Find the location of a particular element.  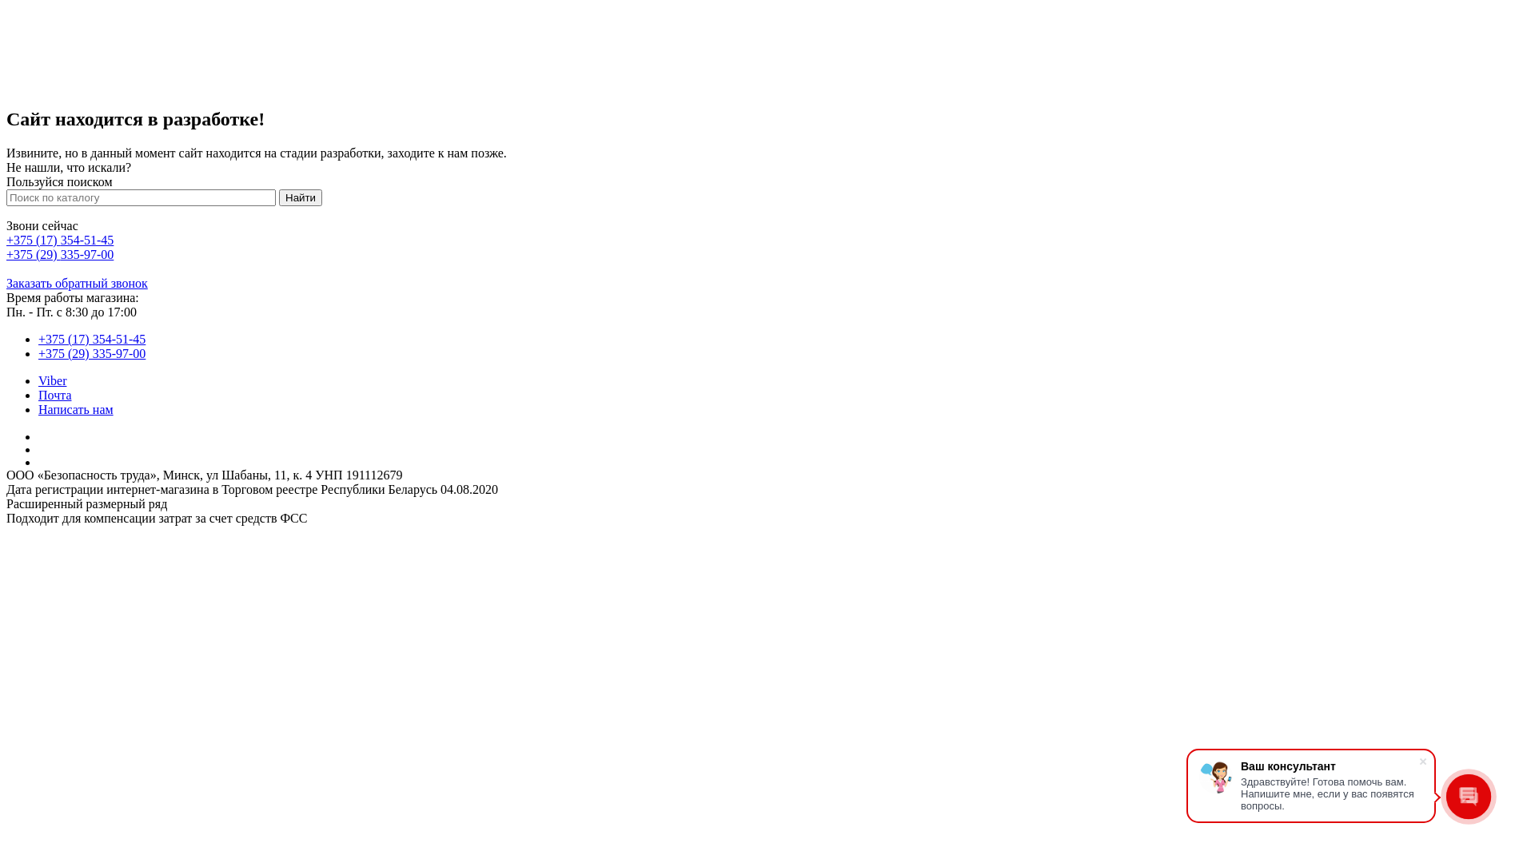

'Viber' is located at coordinates (52, 380).